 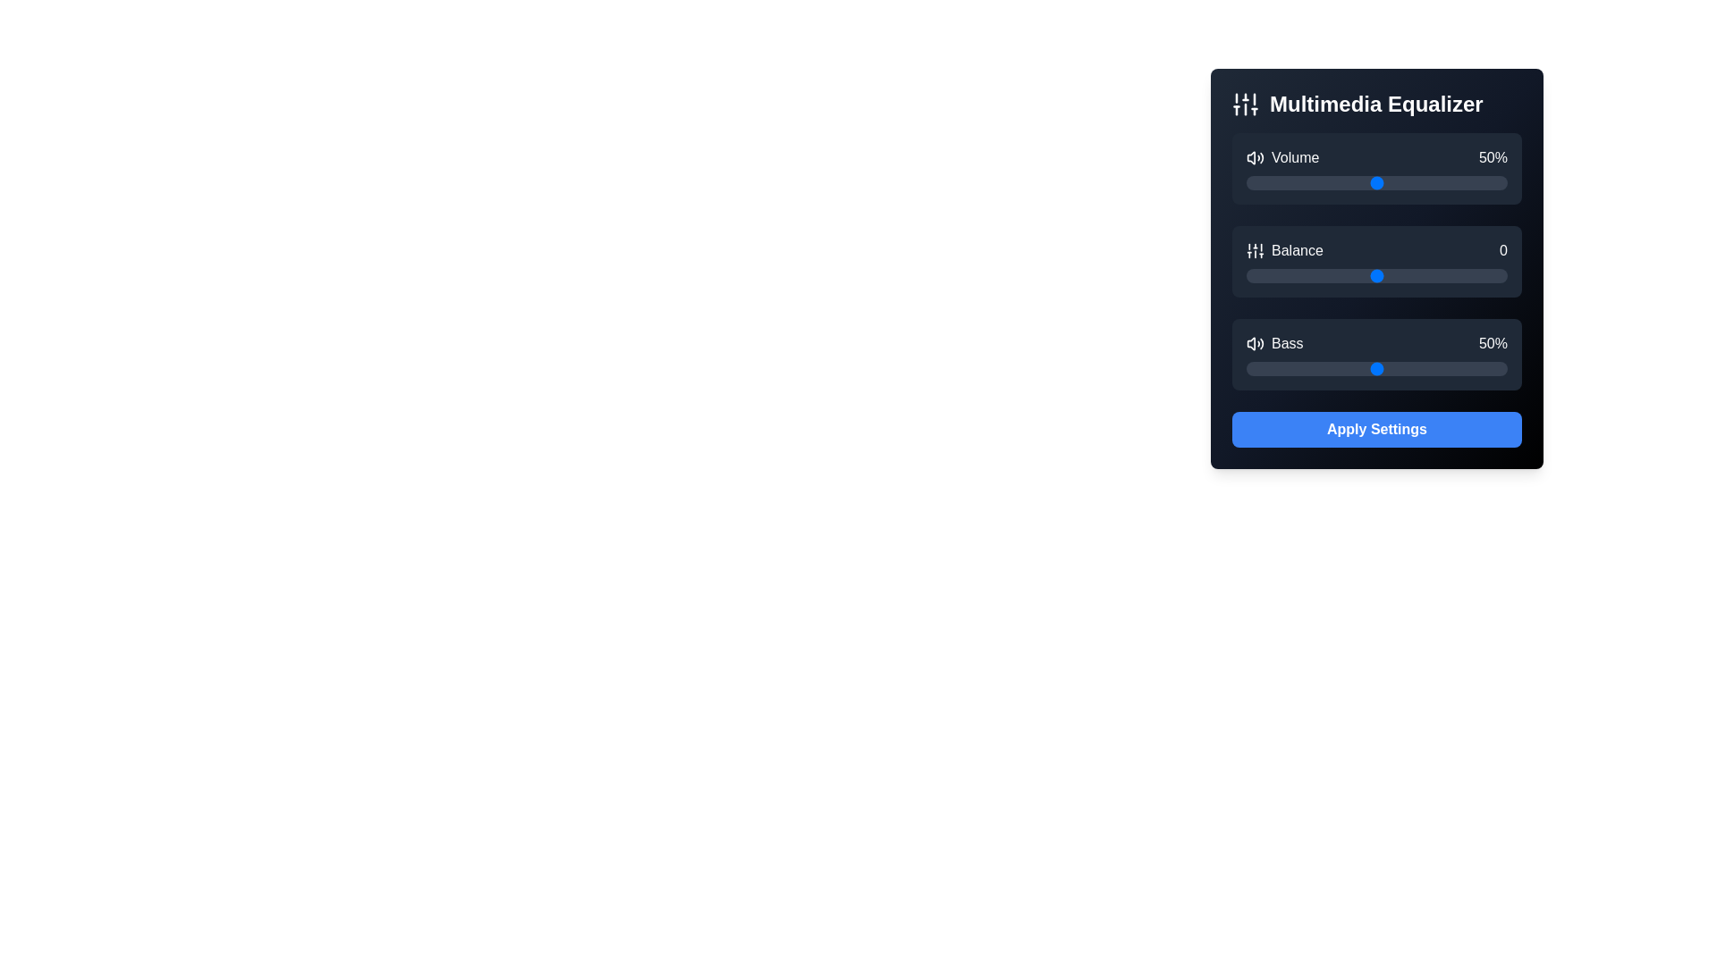 I want to click on the volume level, so click(x=1466, y=182).